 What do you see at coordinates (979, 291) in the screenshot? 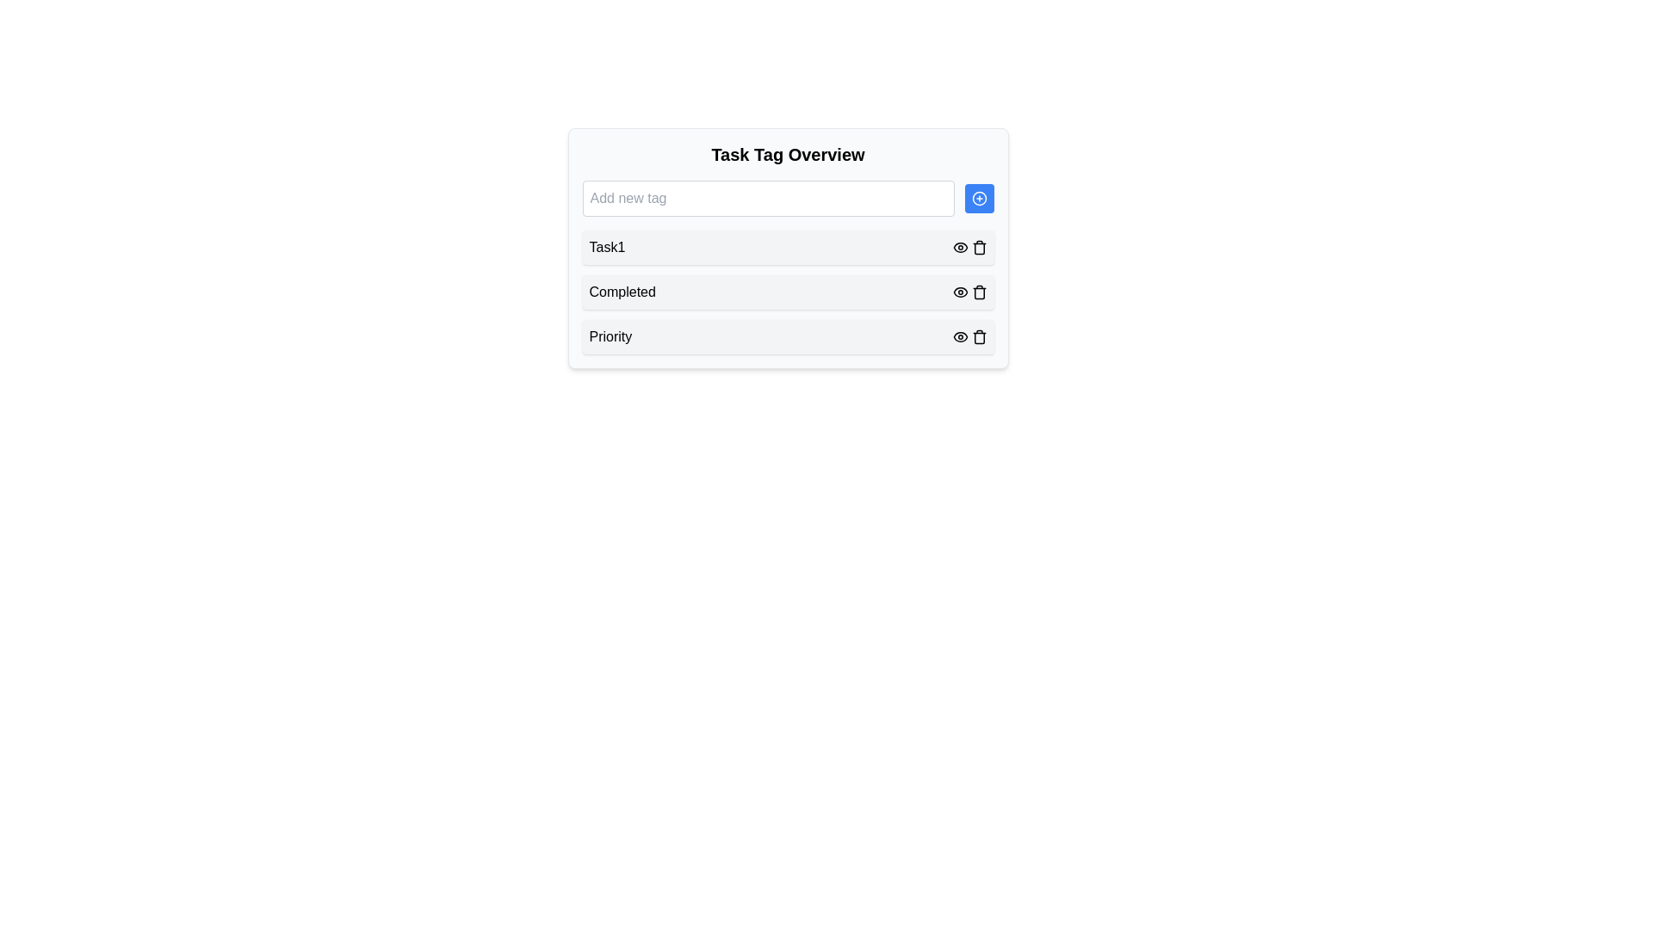
I see `the delete button located in the second row of the item list, which is positioned to the far right next to an eye-shaped icon` at bounding box center [979, 291].